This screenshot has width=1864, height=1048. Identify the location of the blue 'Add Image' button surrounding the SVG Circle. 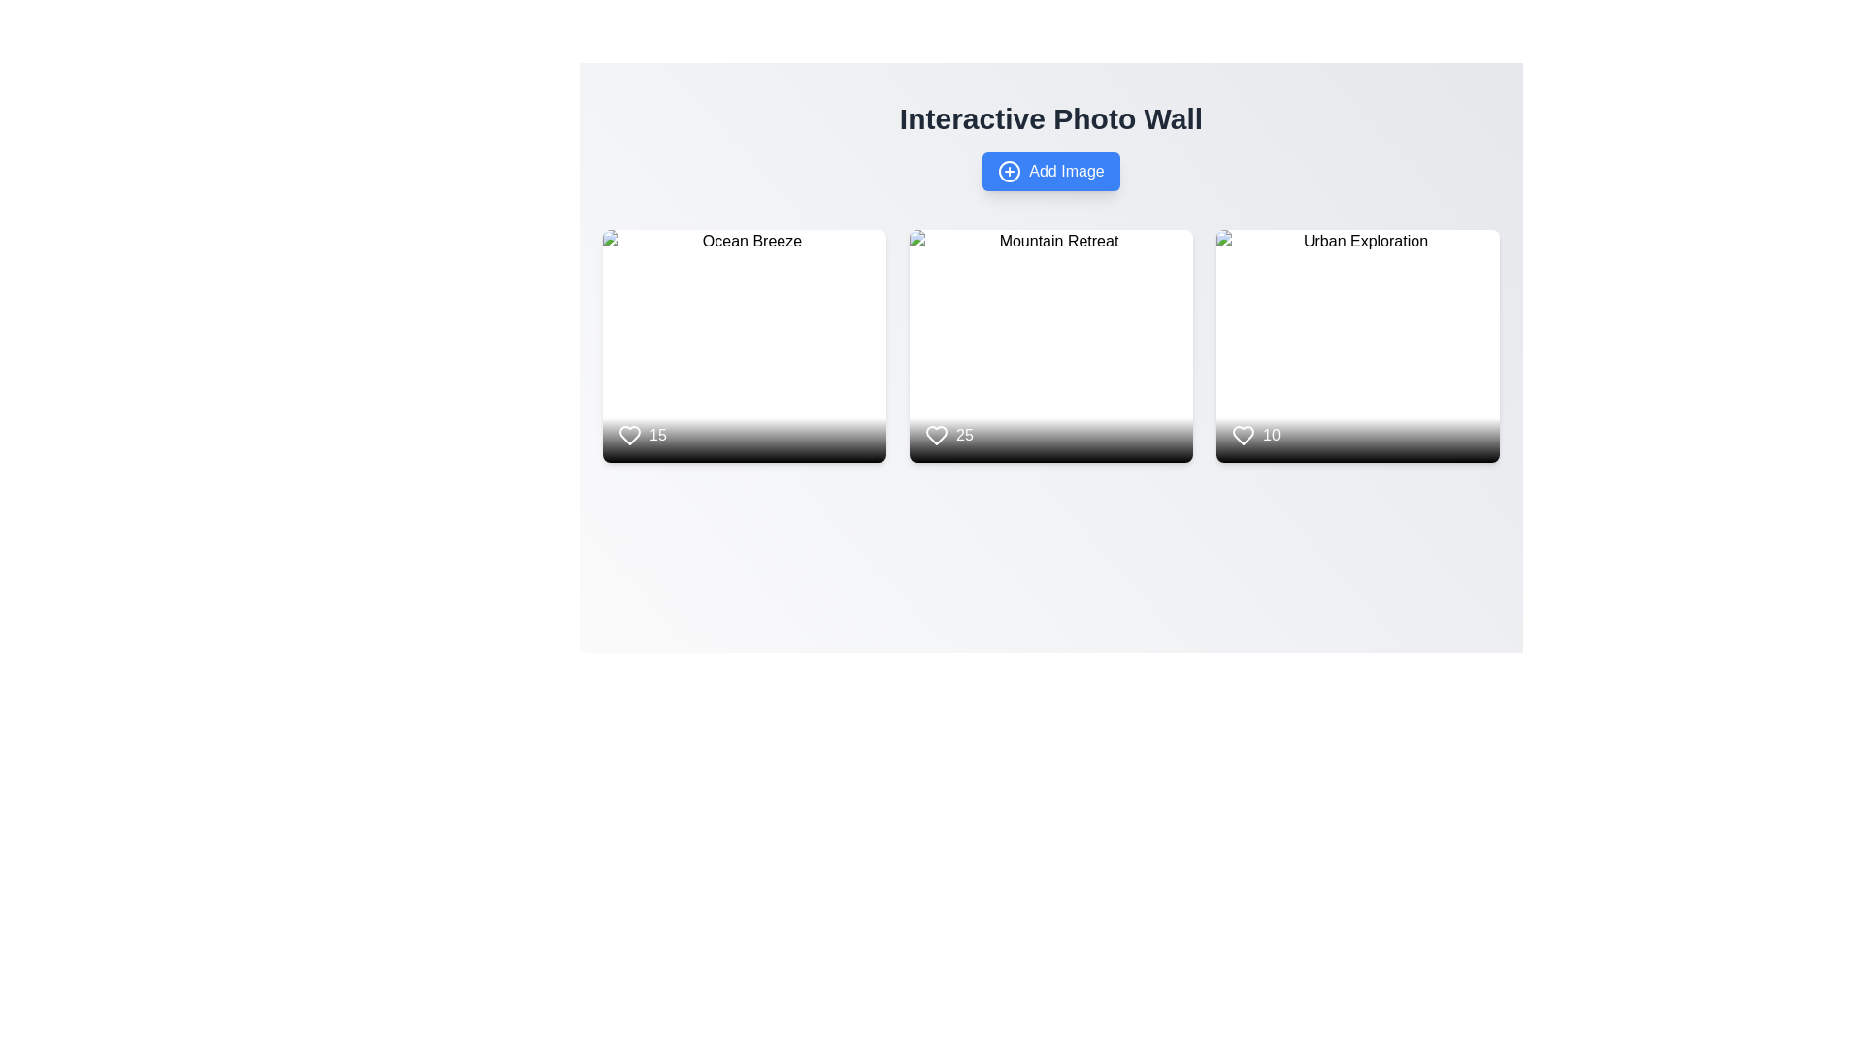
(1010, 171).